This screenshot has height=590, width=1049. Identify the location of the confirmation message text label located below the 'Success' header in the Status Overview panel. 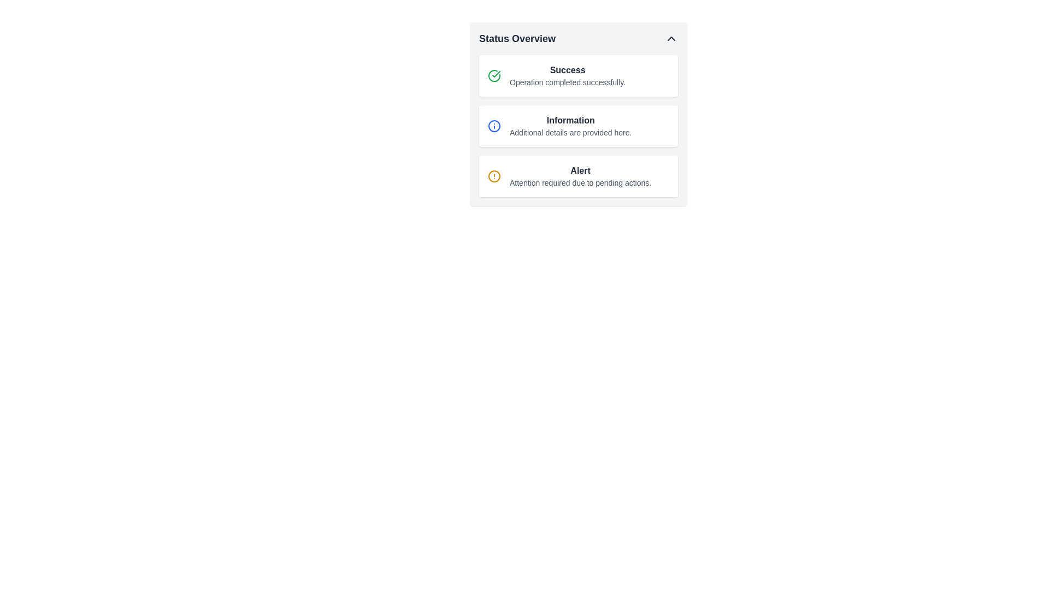
(568, 81).